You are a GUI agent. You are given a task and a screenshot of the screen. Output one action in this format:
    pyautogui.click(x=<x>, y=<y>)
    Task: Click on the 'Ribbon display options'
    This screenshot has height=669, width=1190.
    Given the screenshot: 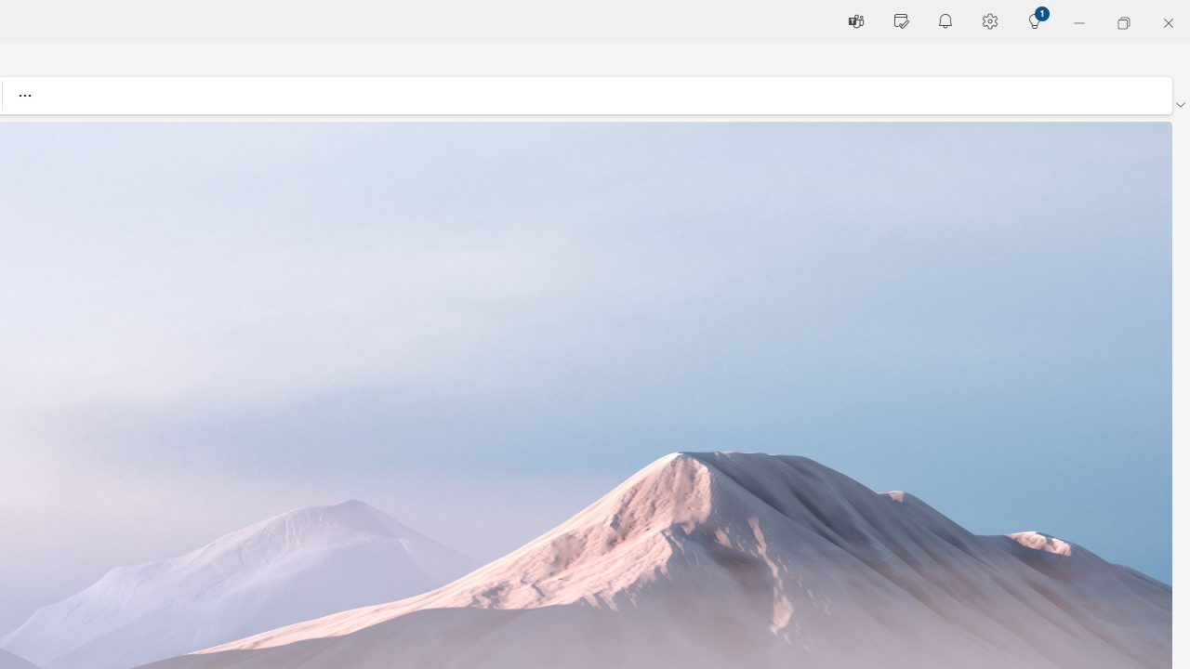 What is the action you would take?
    pyautogui.click(x=1179, y=105)
    